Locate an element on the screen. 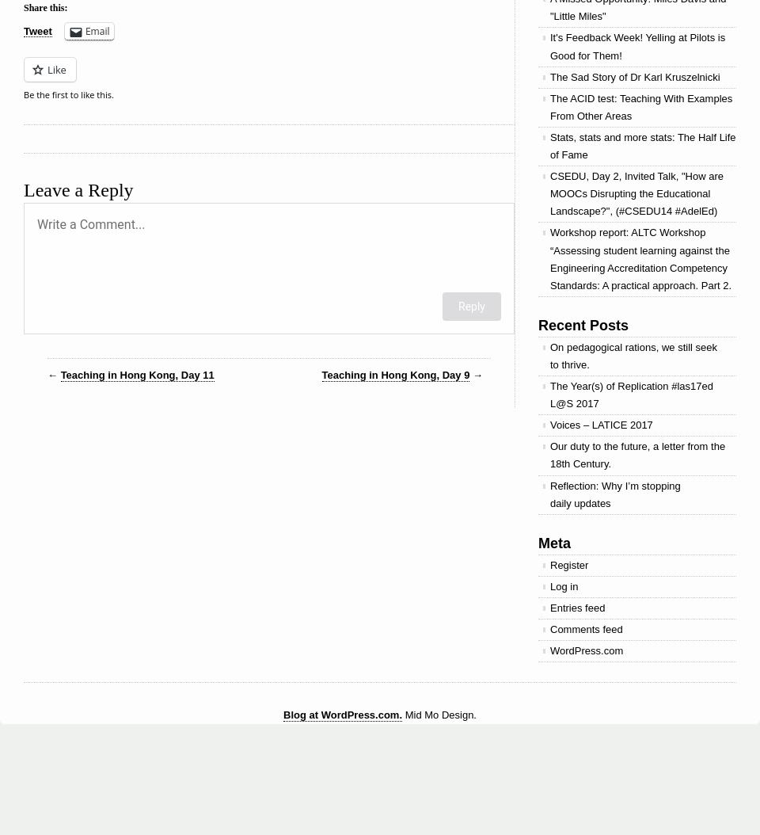 The image size is (760, 835). 'Mid Mo Design.' is located at coordinates (439, 714).